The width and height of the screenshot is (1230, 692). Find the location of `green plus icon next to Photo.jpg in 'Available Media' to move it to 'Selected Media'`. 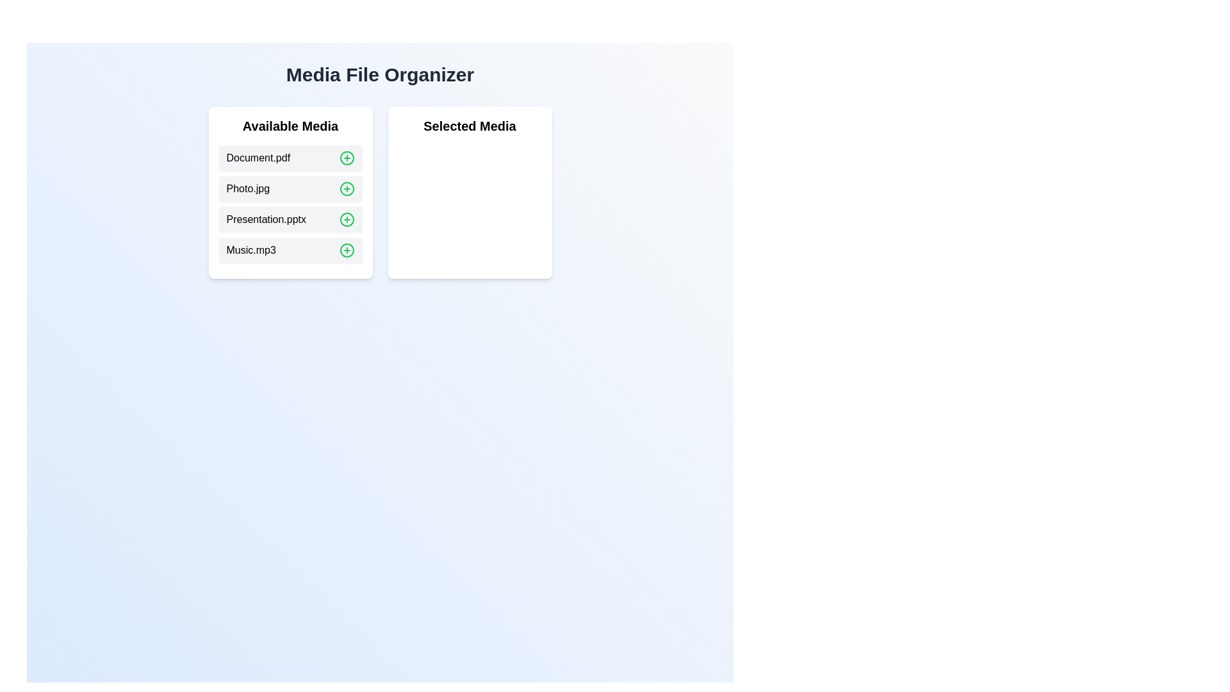

green plus icon next to Photo.jpg in 'Available Media' to move it to 'Selected Media' is located at coordinates (347, 188).